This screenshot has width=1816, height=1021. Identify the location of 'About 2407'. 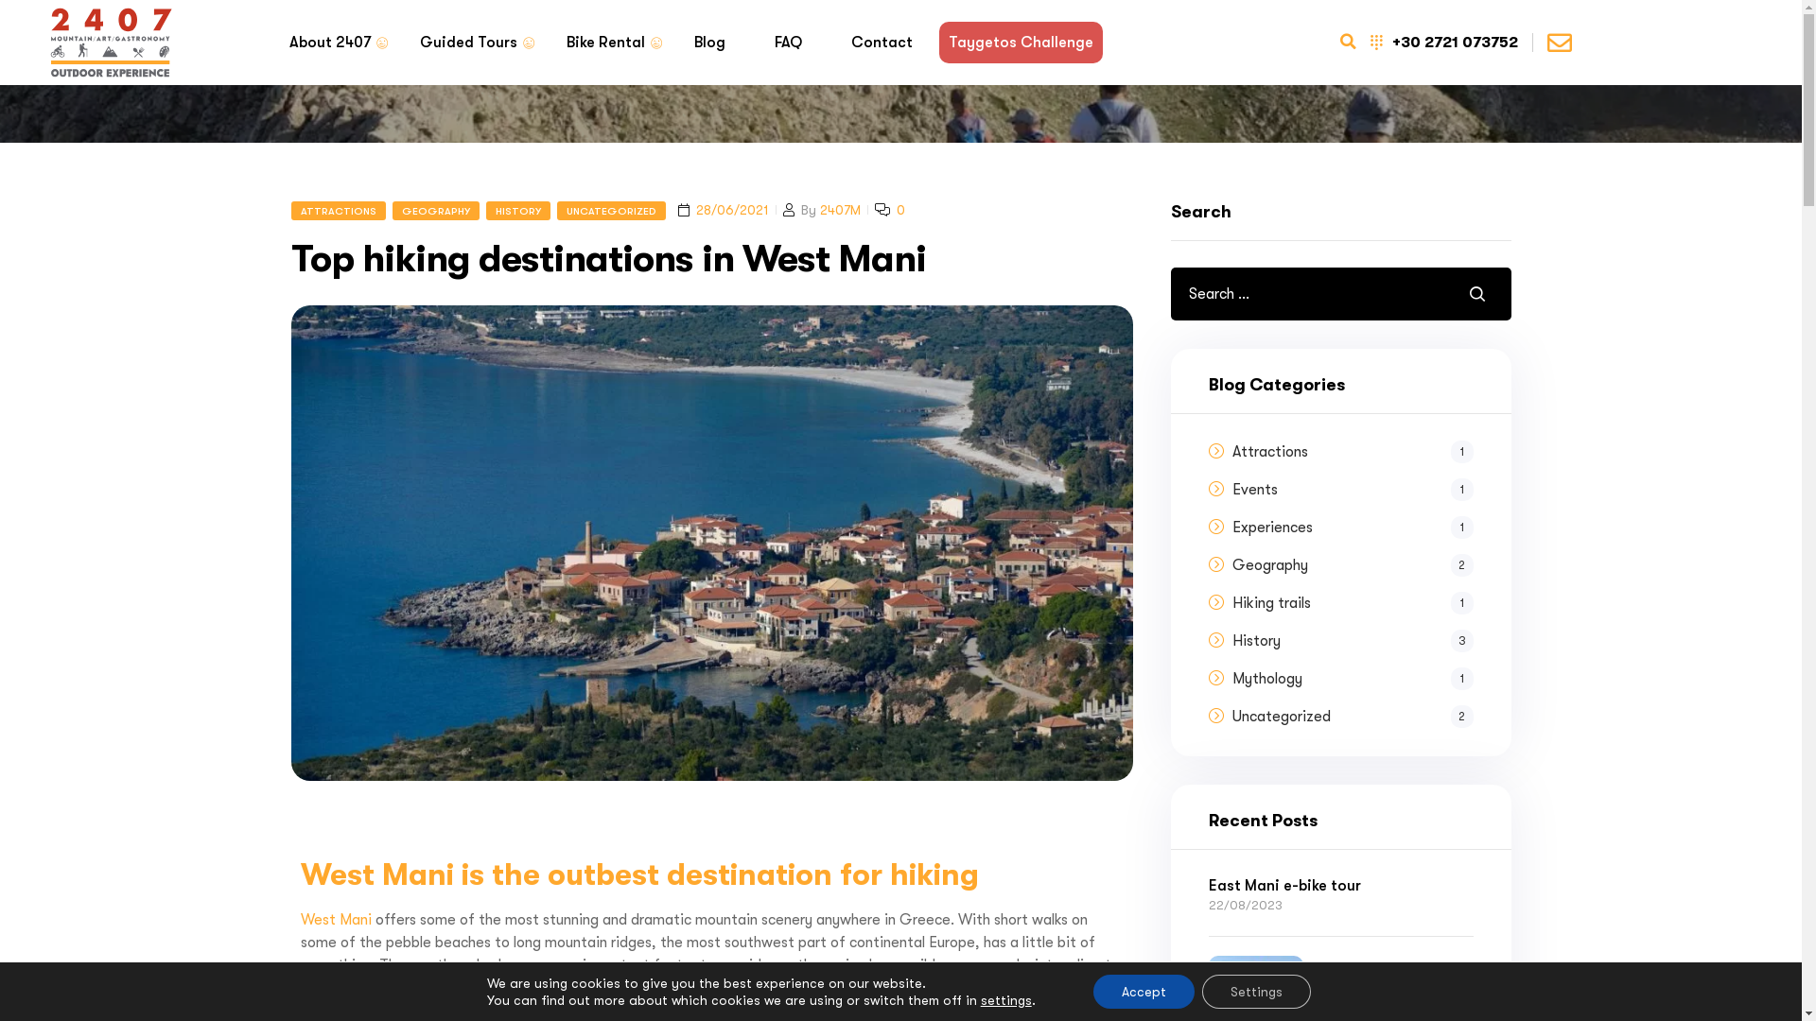
(330, 43).